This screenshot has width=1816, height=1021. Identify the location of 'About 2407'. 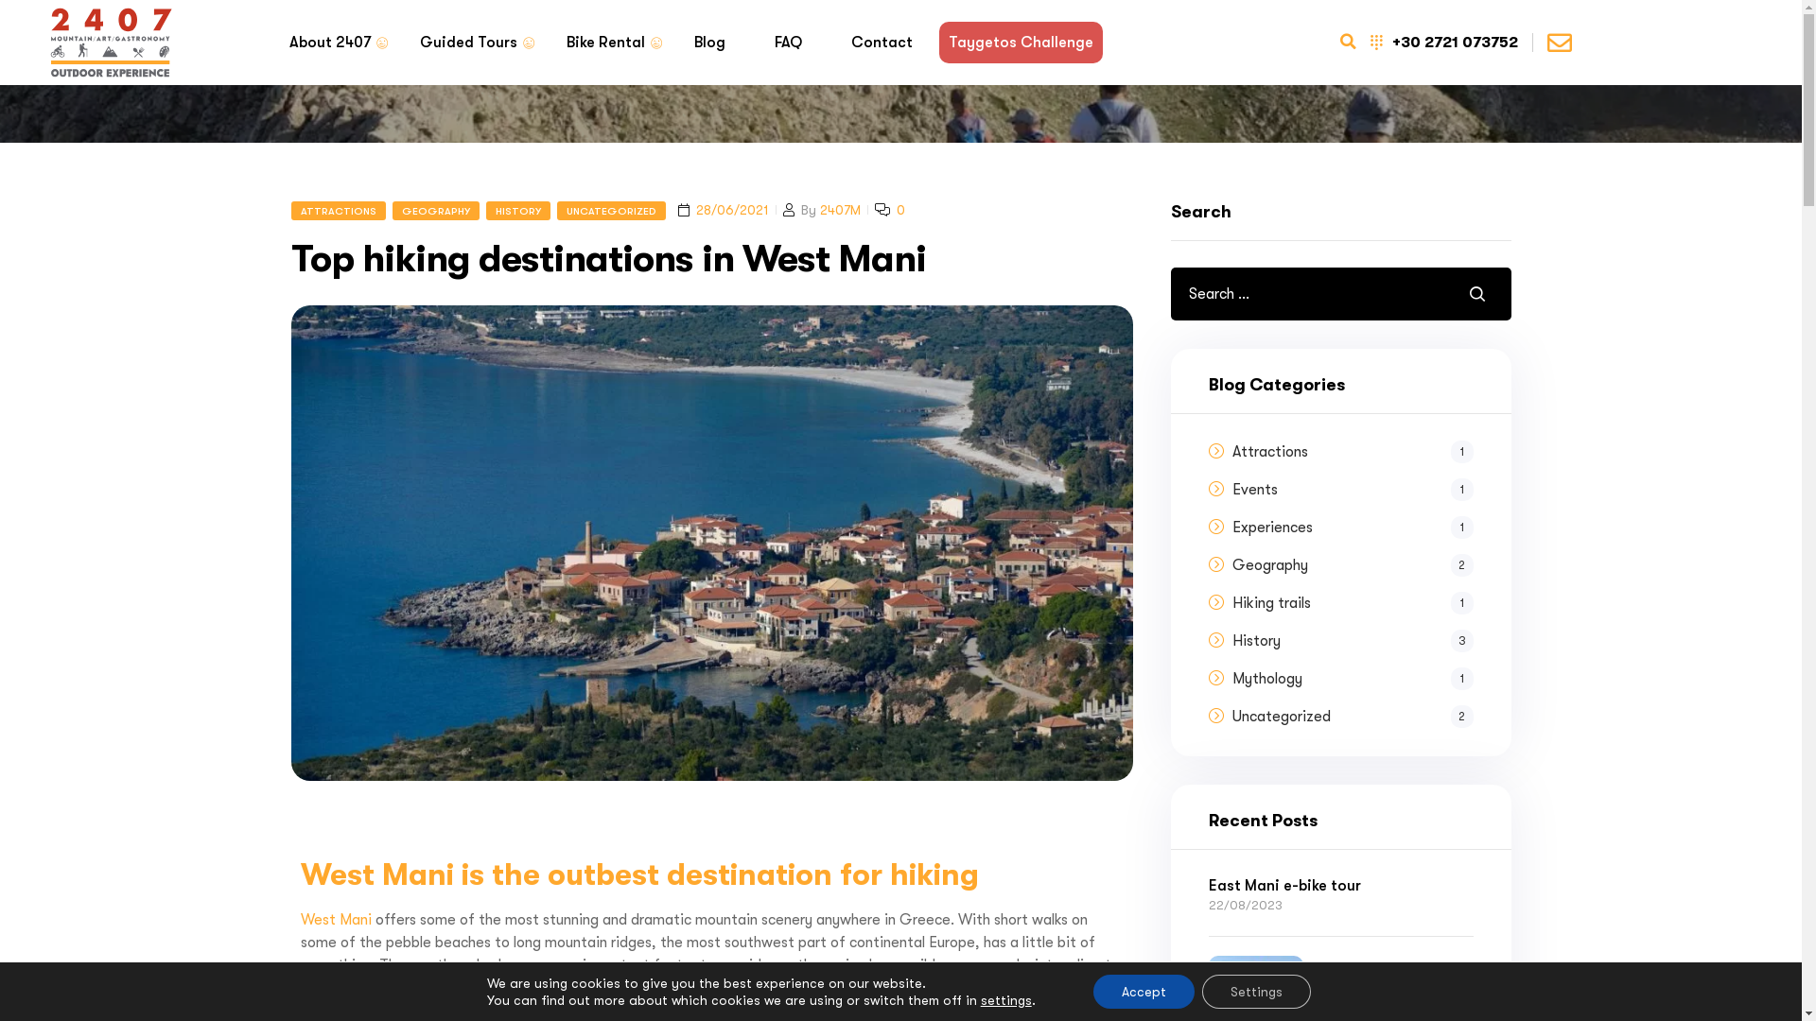
(330, 43).